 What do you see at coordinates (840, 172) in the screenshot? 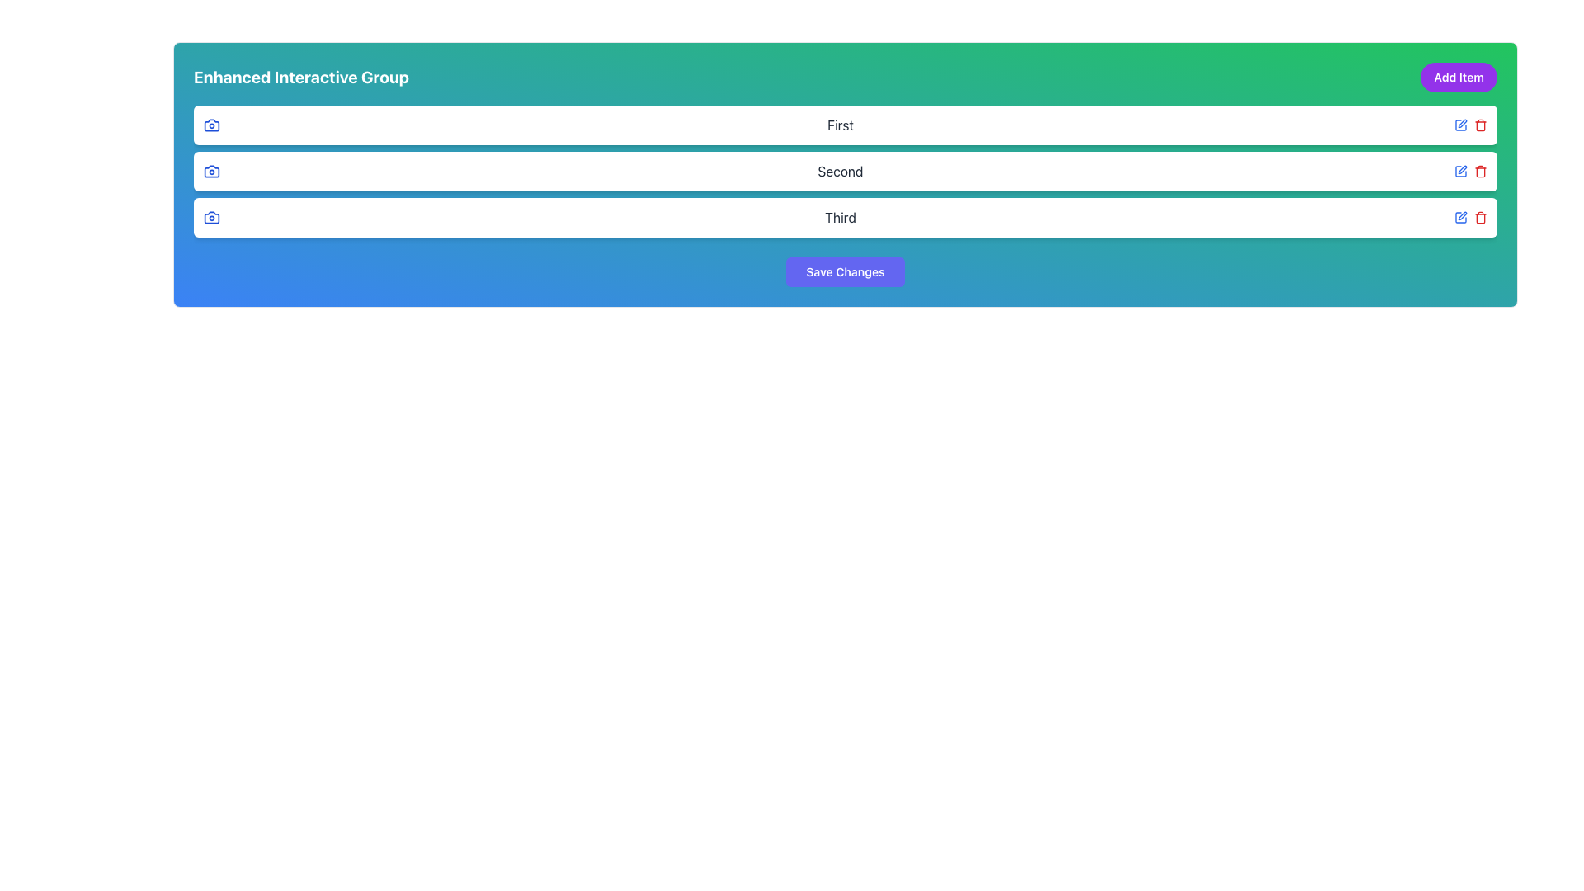
I see `the static label displaying 'Second', which is positioned in the second row of a vertically arranged group, between 'First' and 'Third'` at bounding box center [840, 172].